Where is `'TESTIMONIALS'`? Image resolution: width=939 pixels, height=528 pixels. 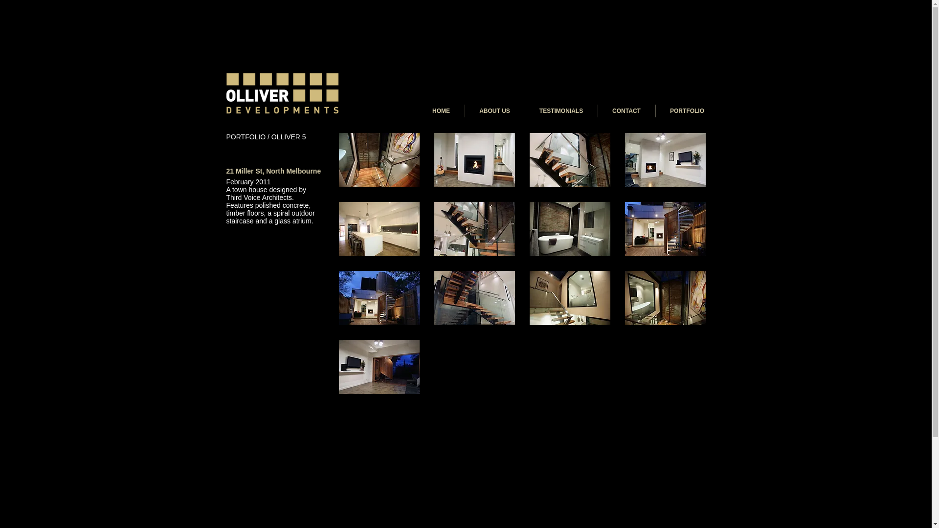
'TESTIMONIALS' is located at coordinates (561, 110).